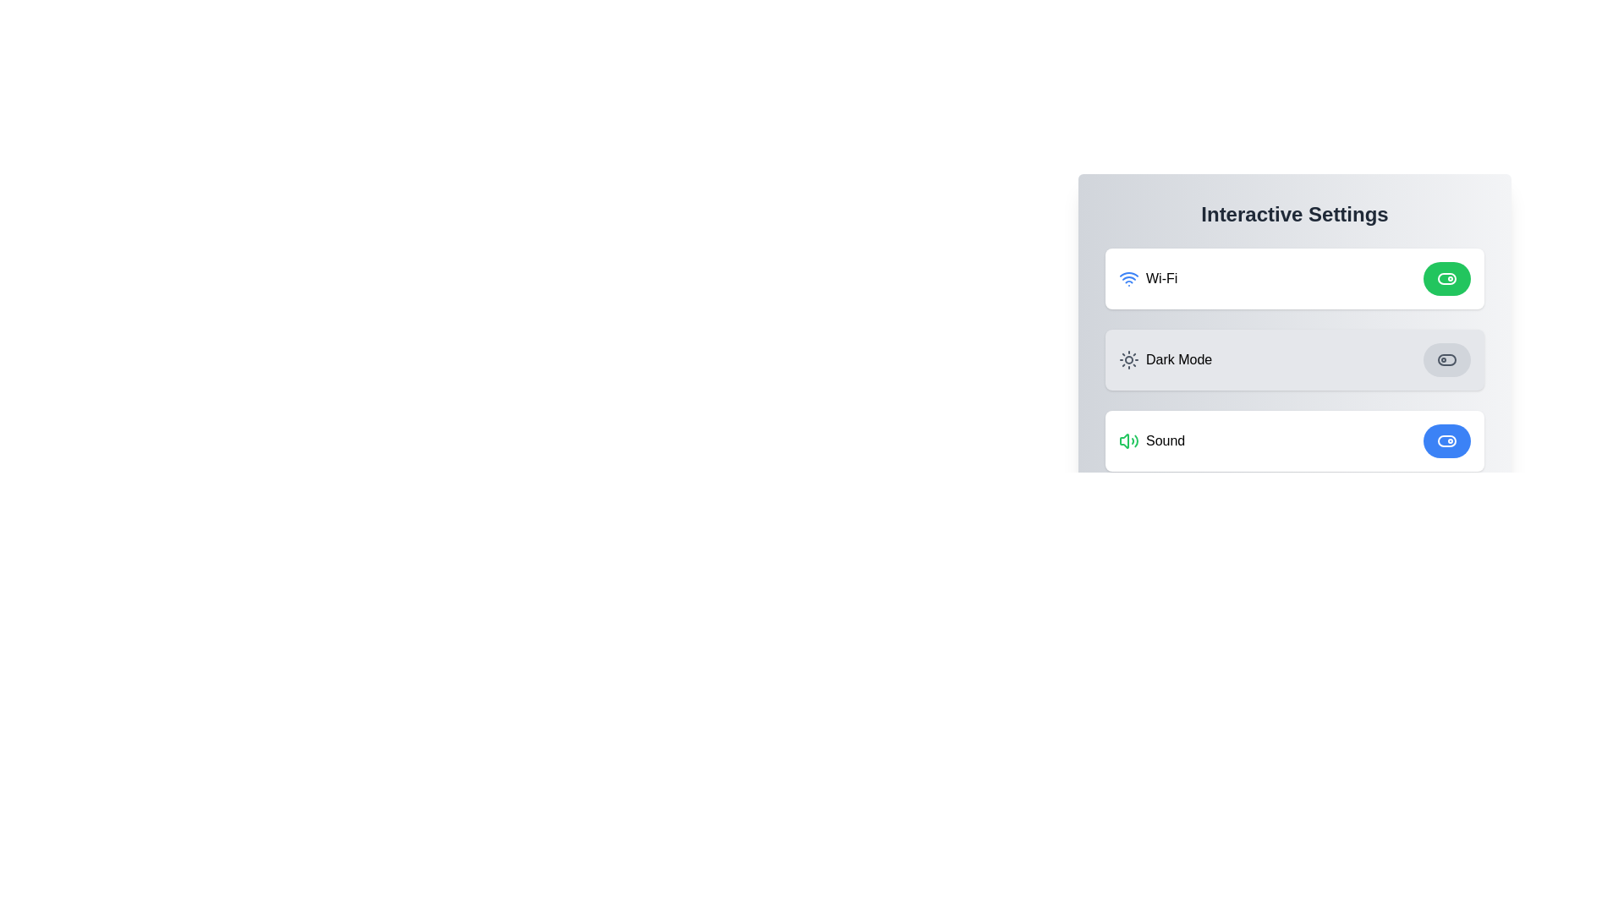  I want to click on the toggle in the Settings Section Row to change the 'Dark Mode' setting within the user settings interface, so click(1294, 336).